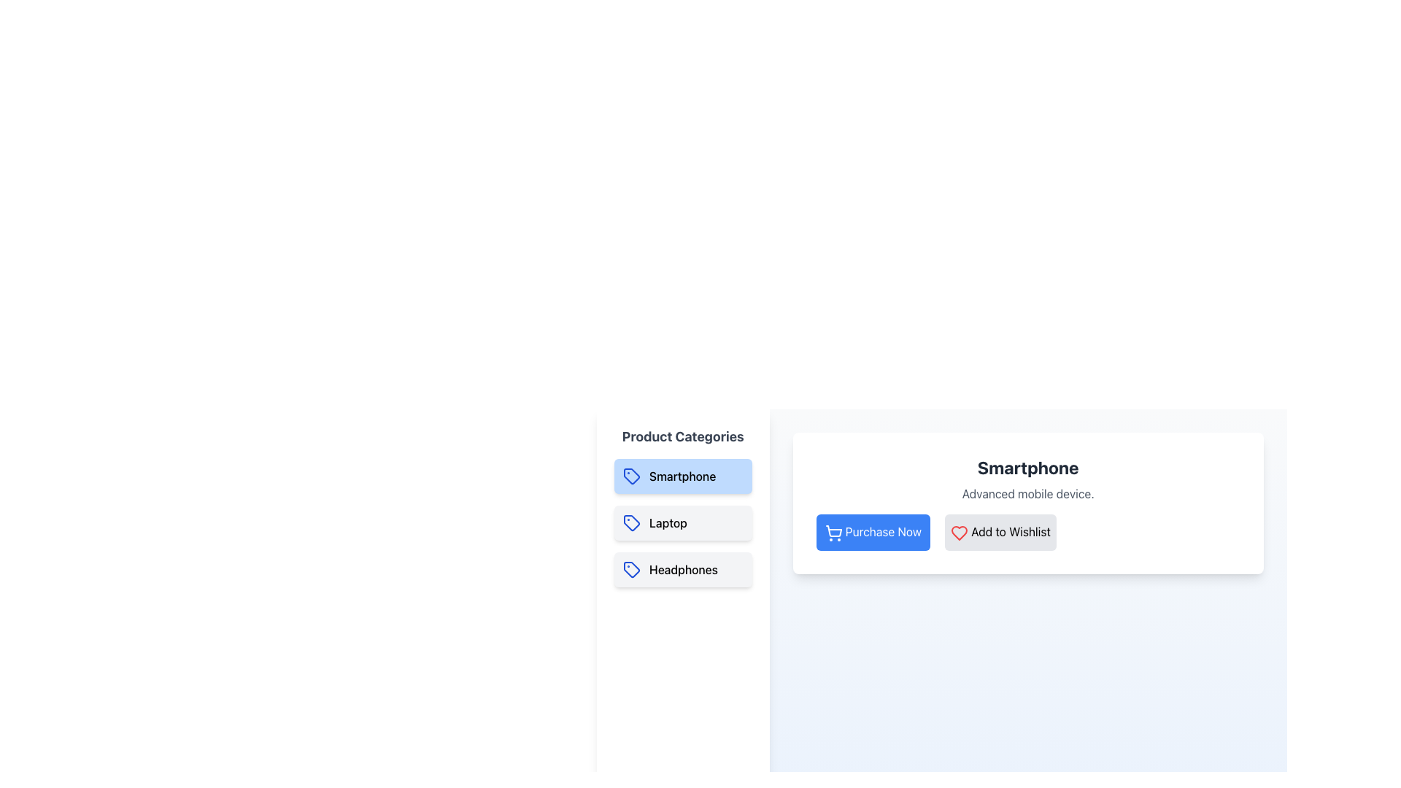 Image resolution: width=1401 pixels, height=788 pixels. Describe the element at coordinates (833, 533) in the screenshot. I see `the shopping cart icon located on the blue button labeled 'Purchase Now' under the 'Smartphone' section` at that location.